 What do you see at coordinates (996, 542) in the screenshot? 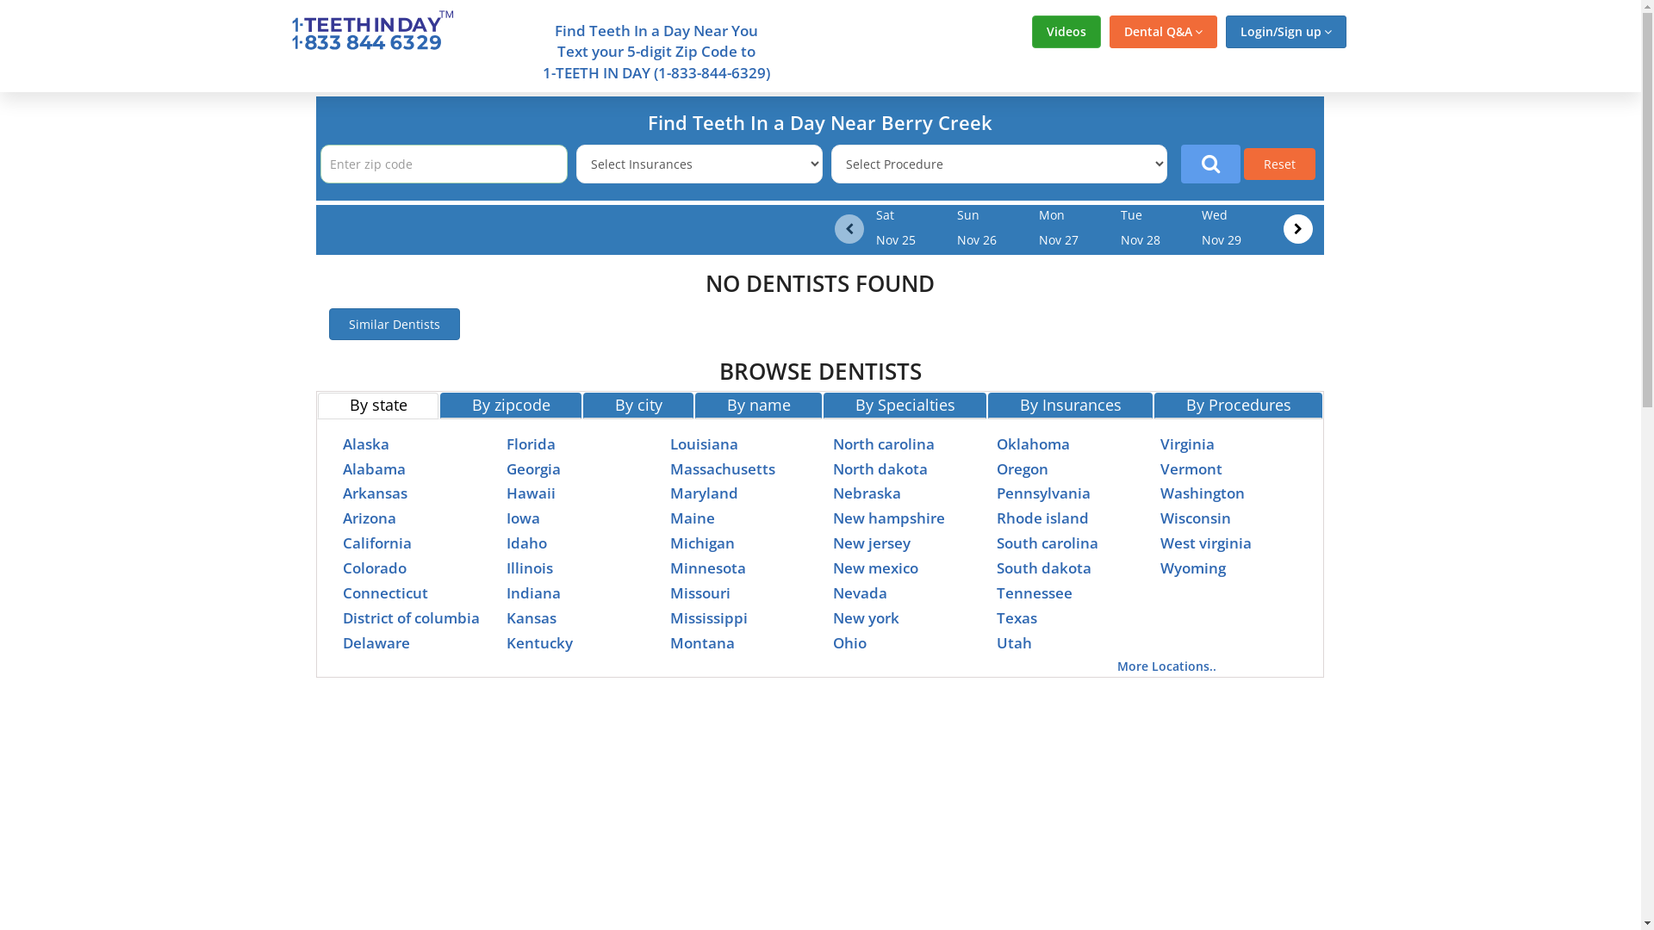
I see `'South carolina'` at bounding box center [996, 542].